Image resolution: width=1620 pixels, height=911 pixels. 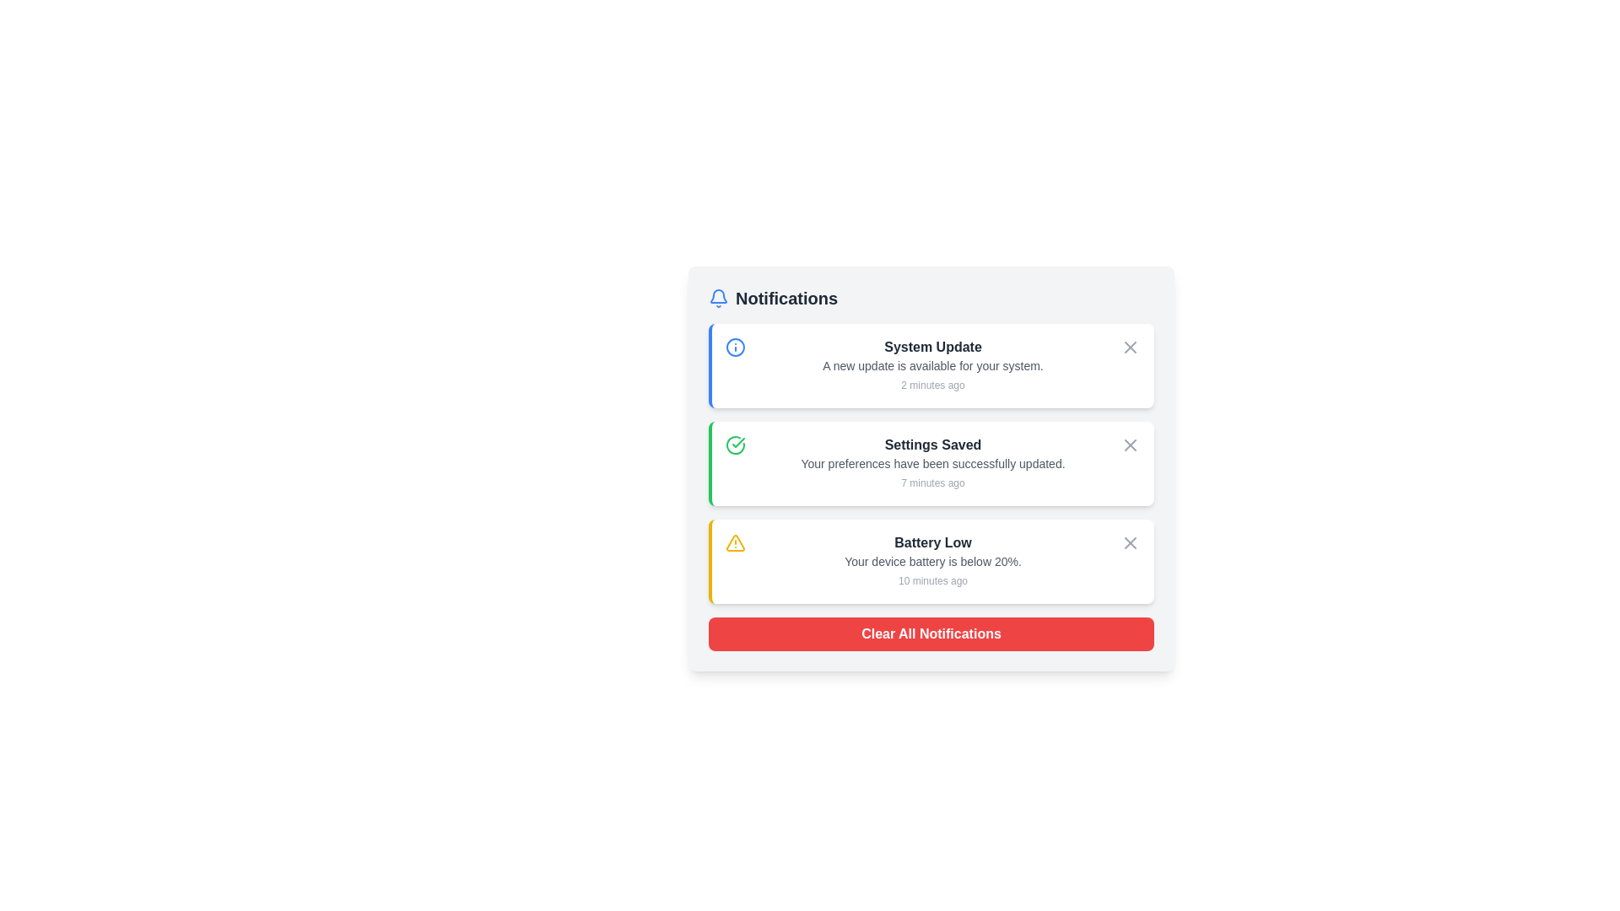 What do you see at coordinates (931, 562) in the screenshot?
I see `notification message titled 'Battery Low' which states 'Your device battery is below 20%' and was timestamped '10 minutes ago.'` at bounding box center [931, 562].